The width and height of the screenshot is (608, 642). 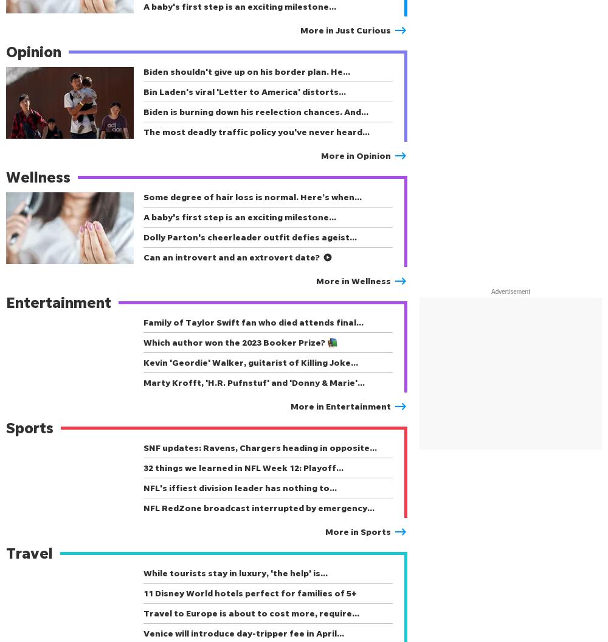 What do you see at coordinates (259, 508) in the screenshot?
I see `'NFL RedZone broadcast interrupted by emergency…'` at bounding box center [259, 508].